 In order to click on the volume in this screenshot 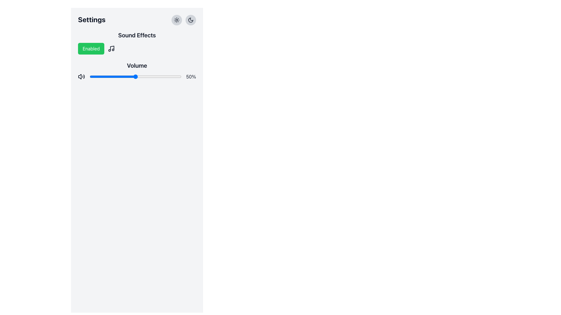, I will do `click(126, 76)`.